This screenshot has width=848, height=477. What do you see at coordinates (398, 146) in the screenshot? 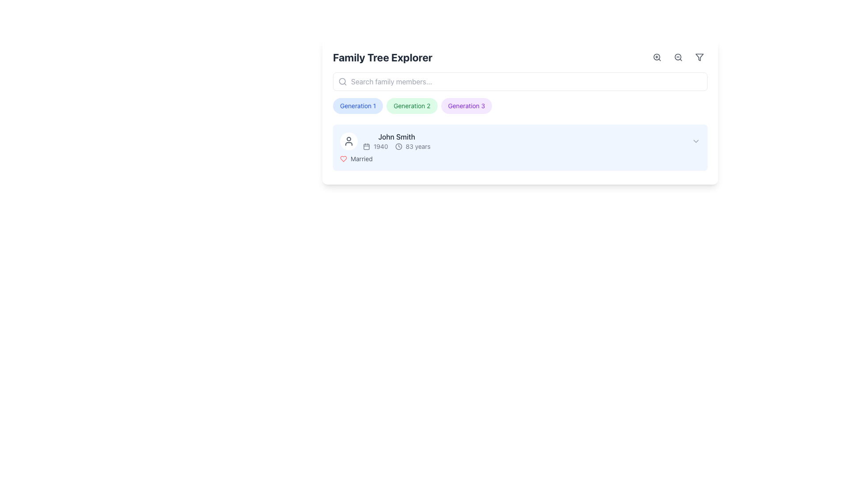
I see `the clock icon, which has a minimalist gray design and is located to the right of the text '1940' and just before '83 years'` at bounding box center [398, 146].